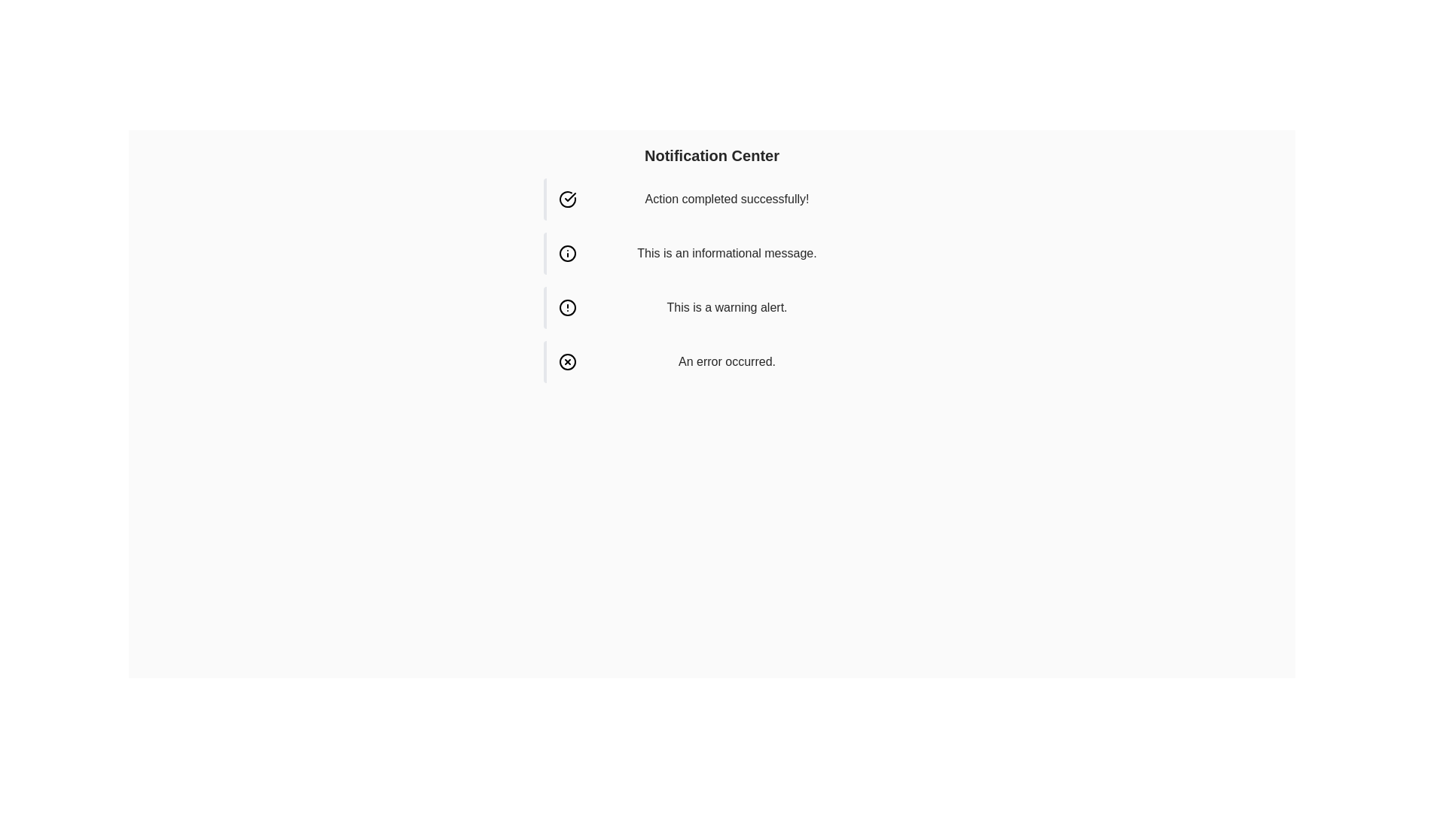 The width and height of the screenshot is (1446, 813). I want to click on the status indicator represented by the small circular icon with a black border and white interior, located to the left of the text 'This is a warning alert.', so click(566, 306).